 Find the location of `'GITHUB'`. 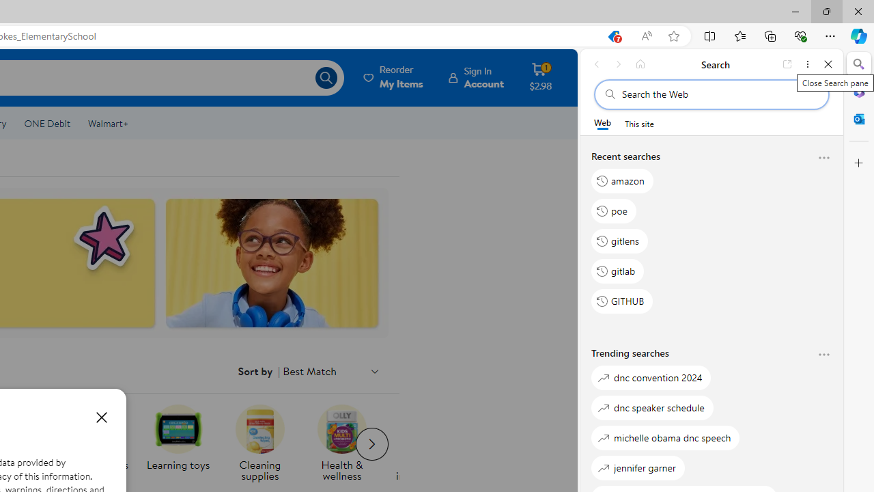

'GITHUB' is located at coordinates (622, 301).